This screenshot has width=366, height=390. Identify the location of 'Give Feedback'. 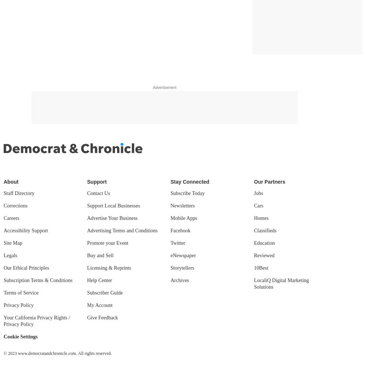
(102, 318).